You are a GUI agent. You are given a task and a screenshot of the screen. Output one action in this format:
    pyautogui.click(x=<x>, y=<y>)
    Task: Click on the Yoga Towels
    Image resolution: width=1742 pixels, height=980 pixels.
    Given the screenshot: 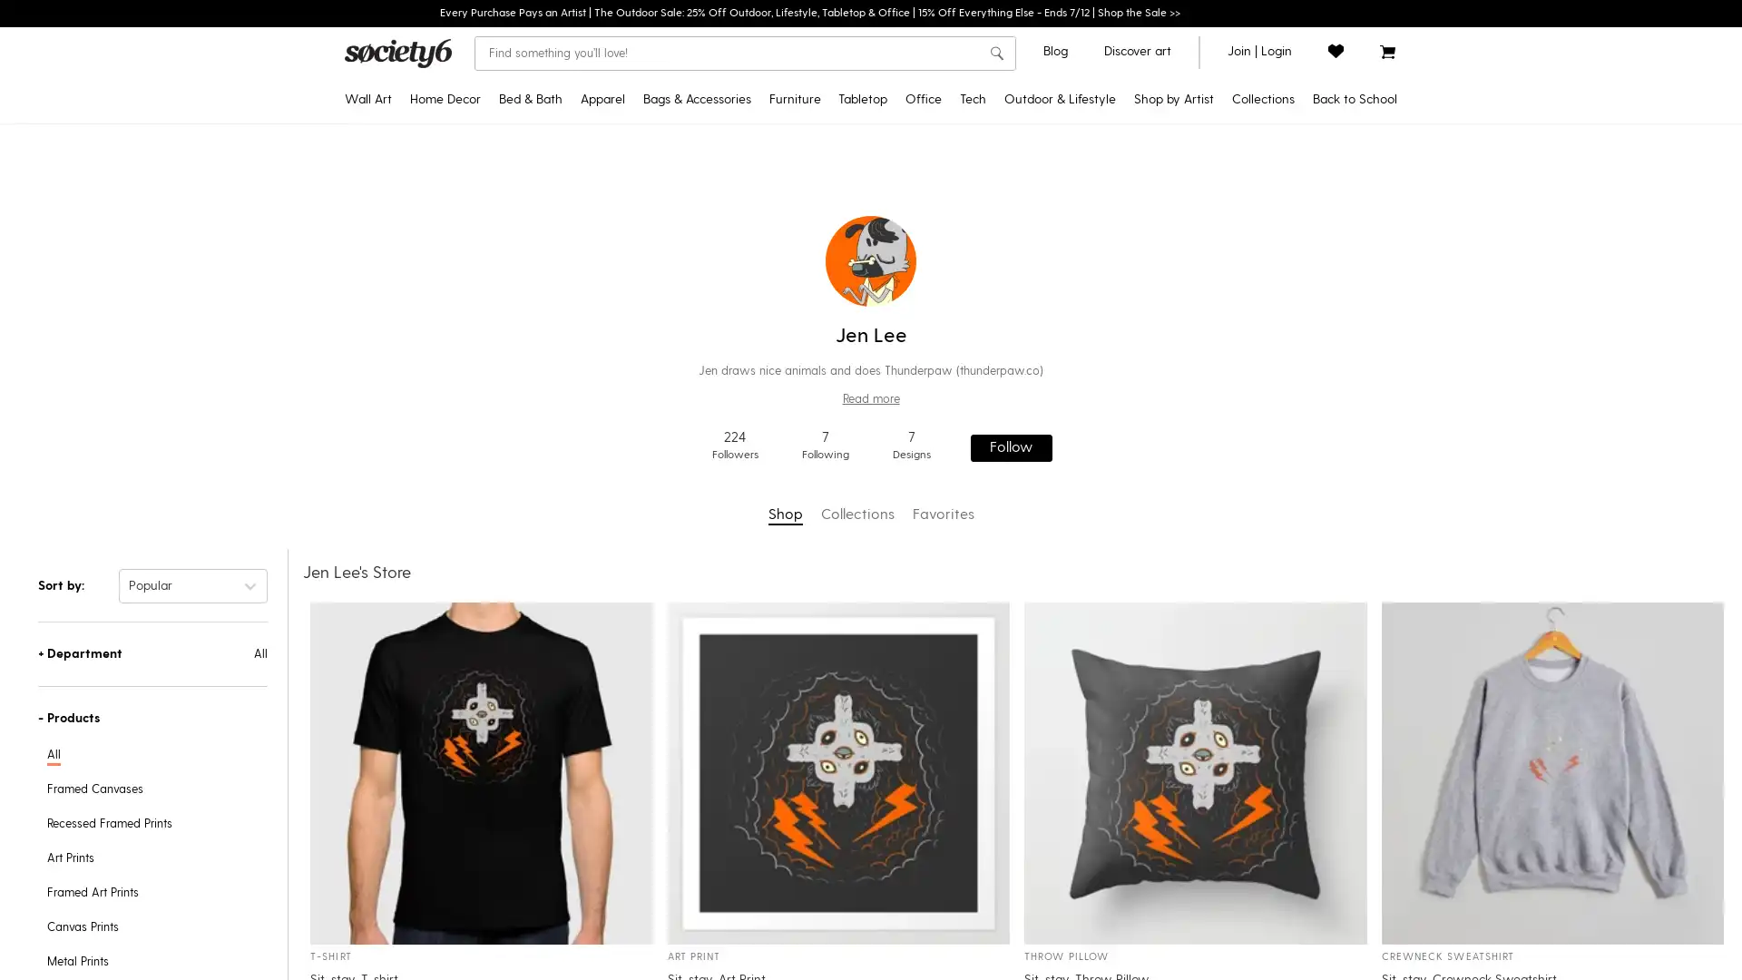 What is the action you would take?
    pyautogui.click(x=1085, y=204)
    